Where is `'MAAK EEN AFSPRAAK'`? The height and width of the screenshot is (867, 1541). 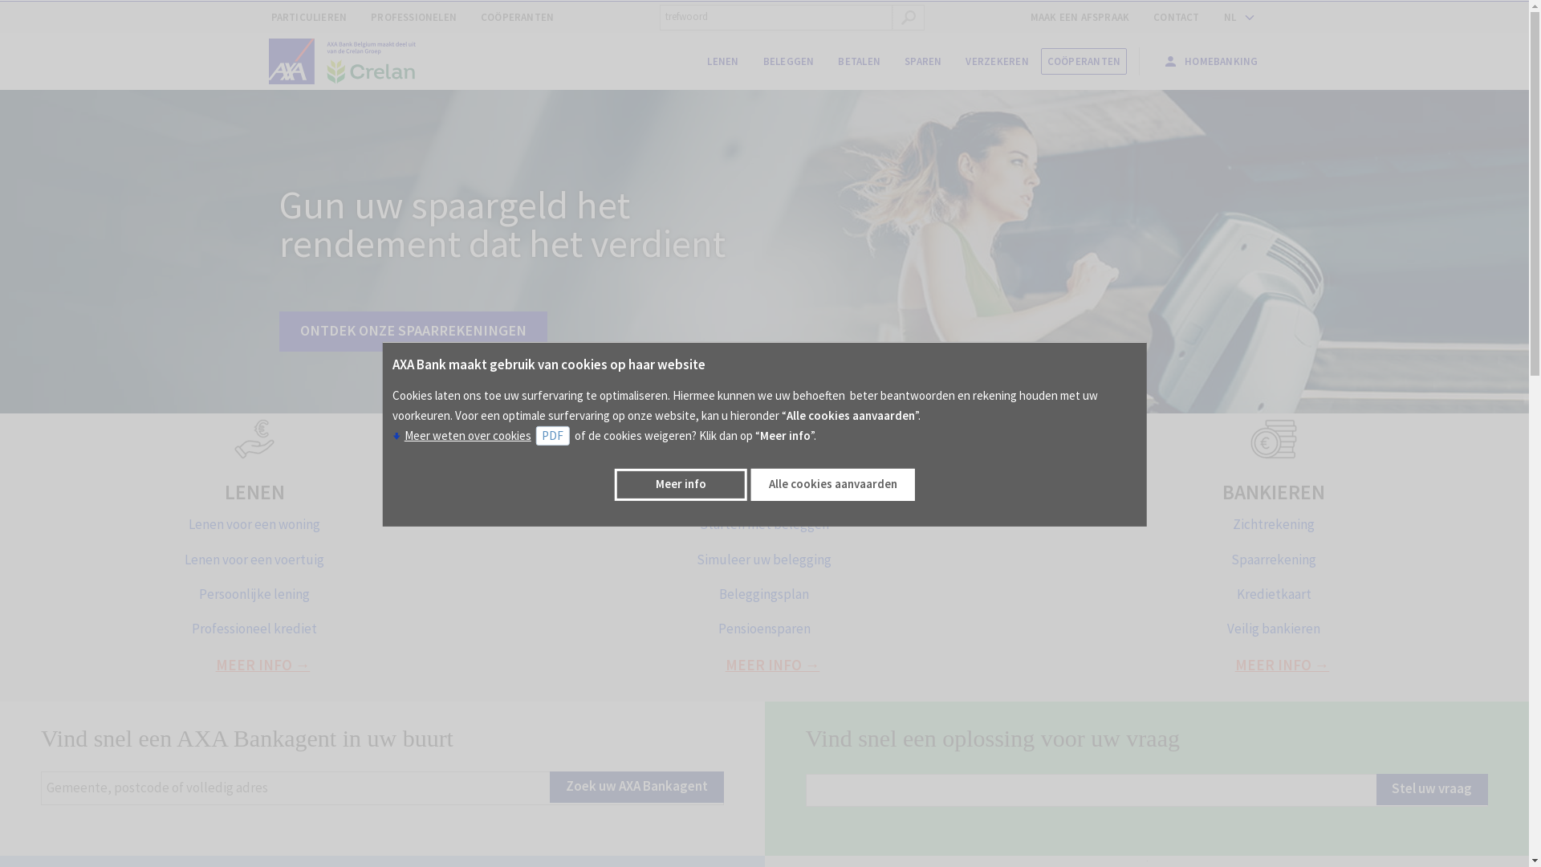
'MAAK EEN AFSPRAAK' is located at coordinates (1080, 17).